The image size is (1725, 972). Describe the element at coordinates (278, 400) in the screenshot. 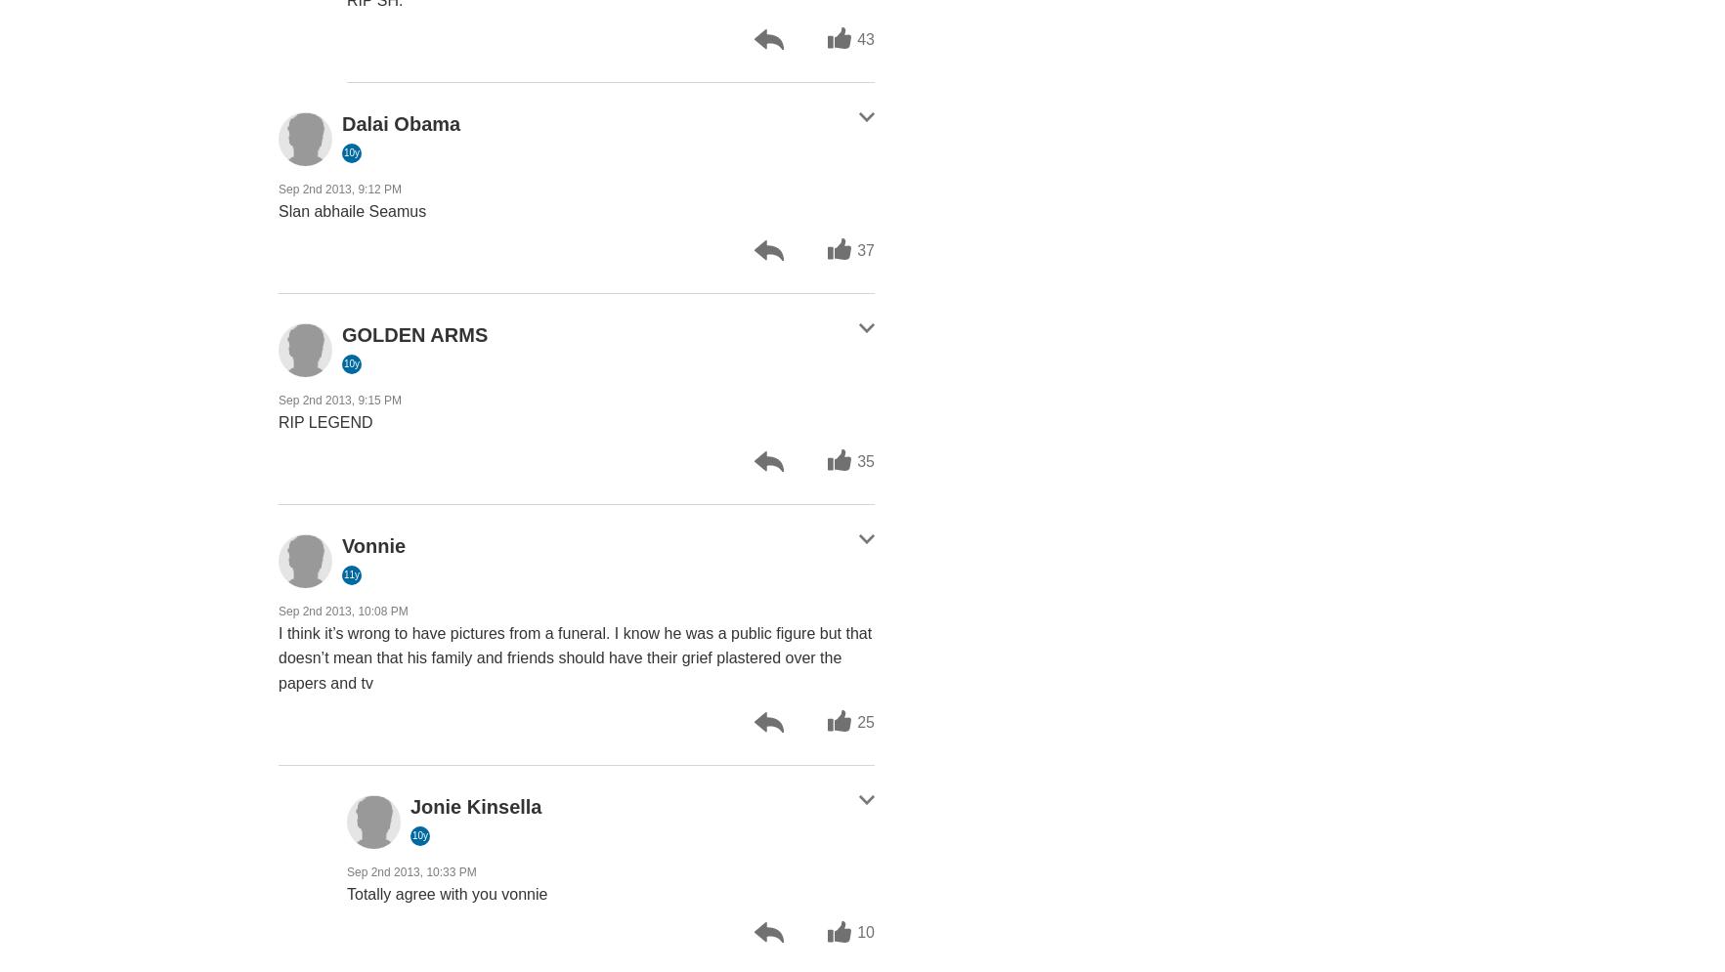

I see `'Sep 2nd 2013, 9:15 PM'` at that location.